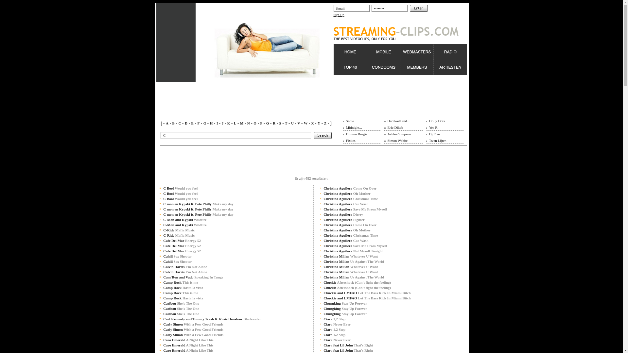 The image size is (628, 353). What do you see at coordinates (334, 318) in the screenshot?
I see `'Ciara 1,2 Step'` at bounding box center [334, 318].